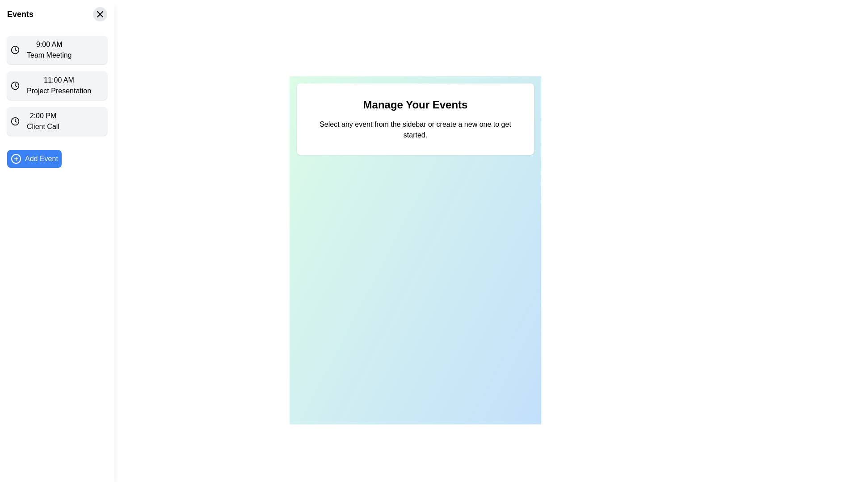  I want to click on time label indicating '2:00 PM' in the sidebar event list, which is the upper text line of the third item labeled '2:00 PM Client Call', so click(42, 115).